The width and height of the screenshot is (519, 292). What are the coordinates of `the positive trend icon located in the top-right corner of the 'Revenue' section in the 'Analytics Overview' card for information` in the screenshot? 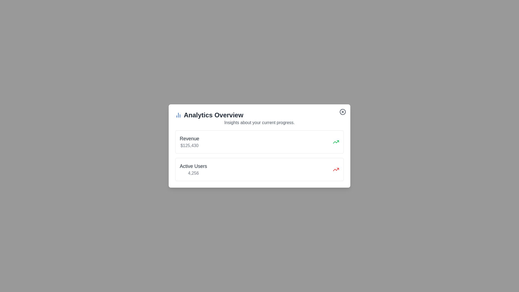 It's located at (336, 141).